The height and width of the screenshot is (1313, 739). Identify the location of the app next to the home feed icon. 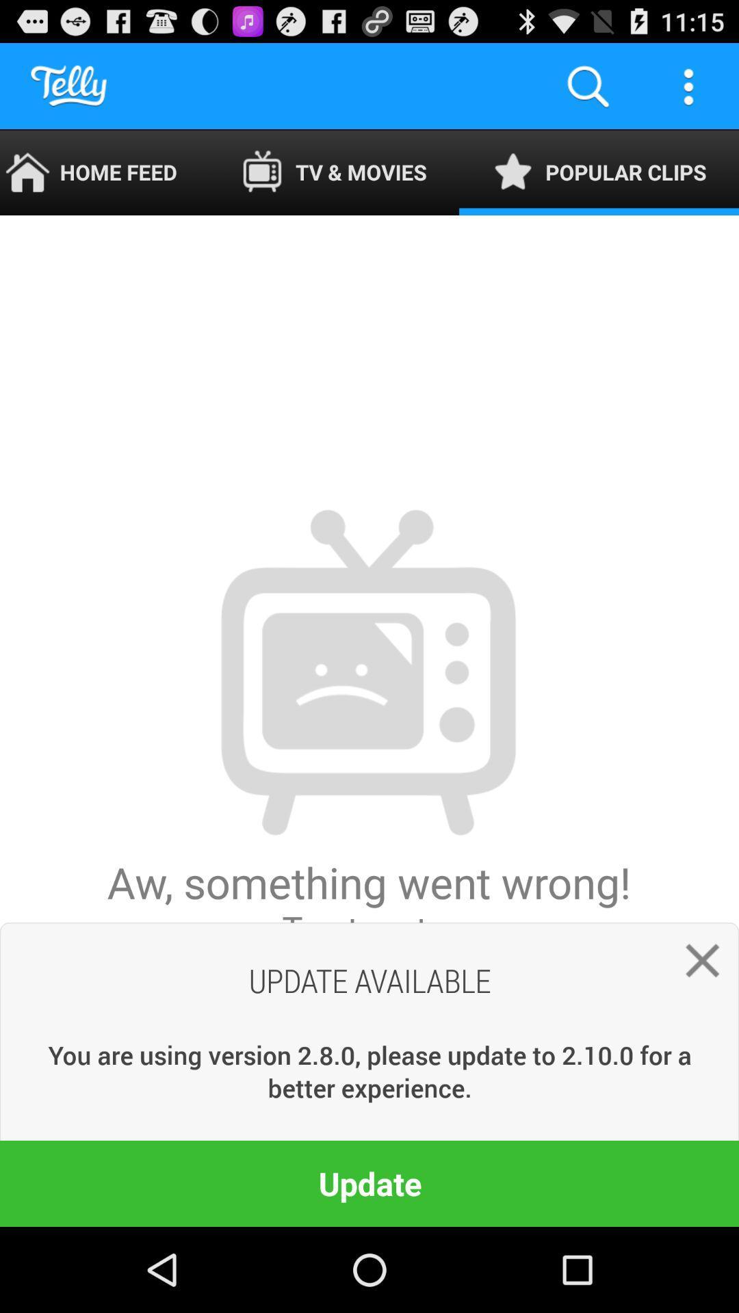
(334, 172).